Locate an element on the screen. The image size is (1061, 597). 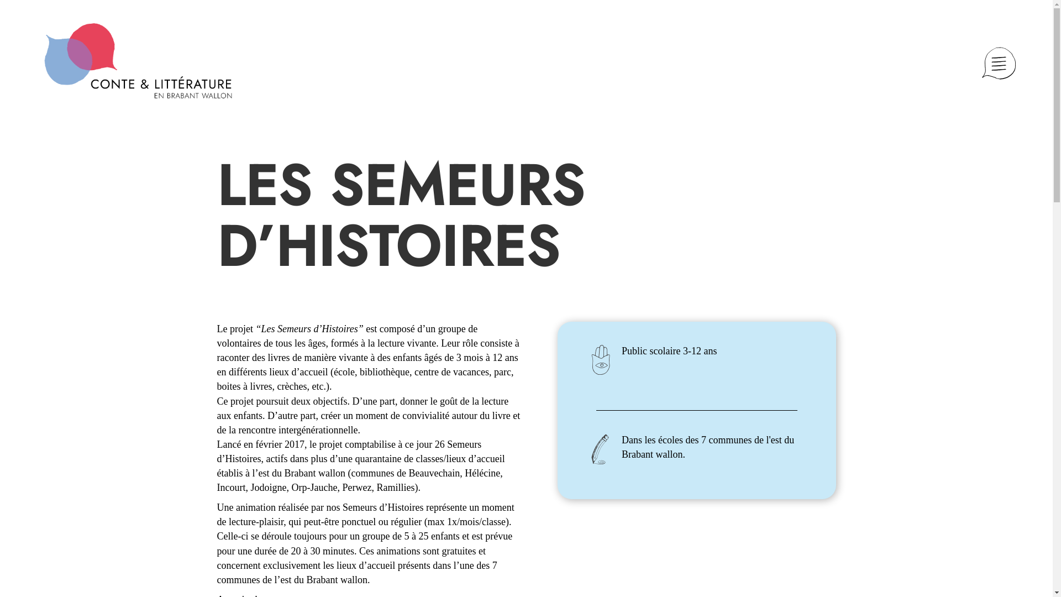
'CC_Logo_couleur_horiz' is located at coordinates (137, 61).